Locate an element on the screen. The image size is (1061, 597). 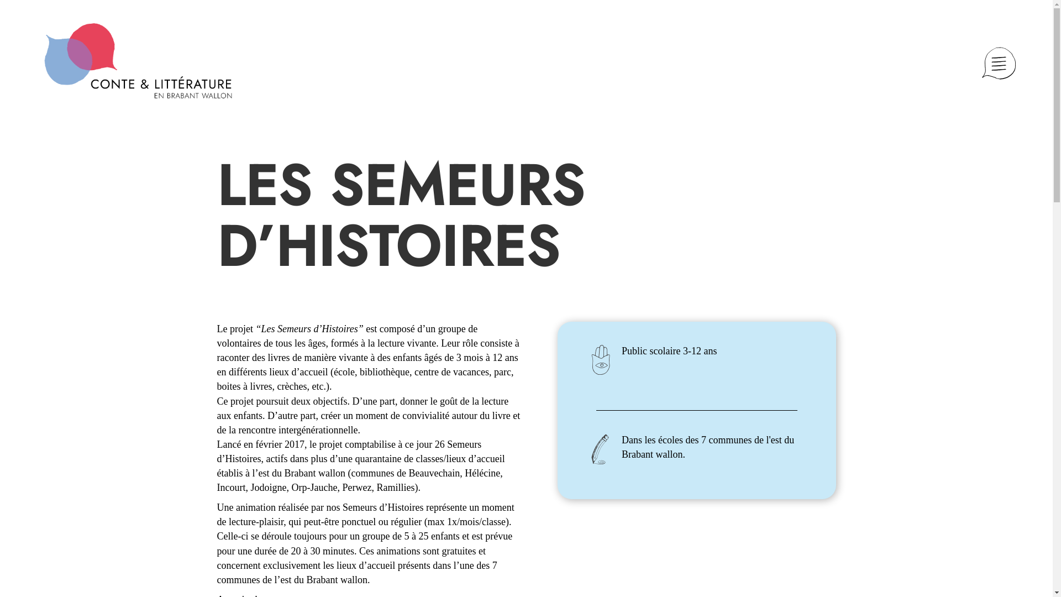
'CC_Logo_couleur_horiz' is located at coordinates (137, 61).